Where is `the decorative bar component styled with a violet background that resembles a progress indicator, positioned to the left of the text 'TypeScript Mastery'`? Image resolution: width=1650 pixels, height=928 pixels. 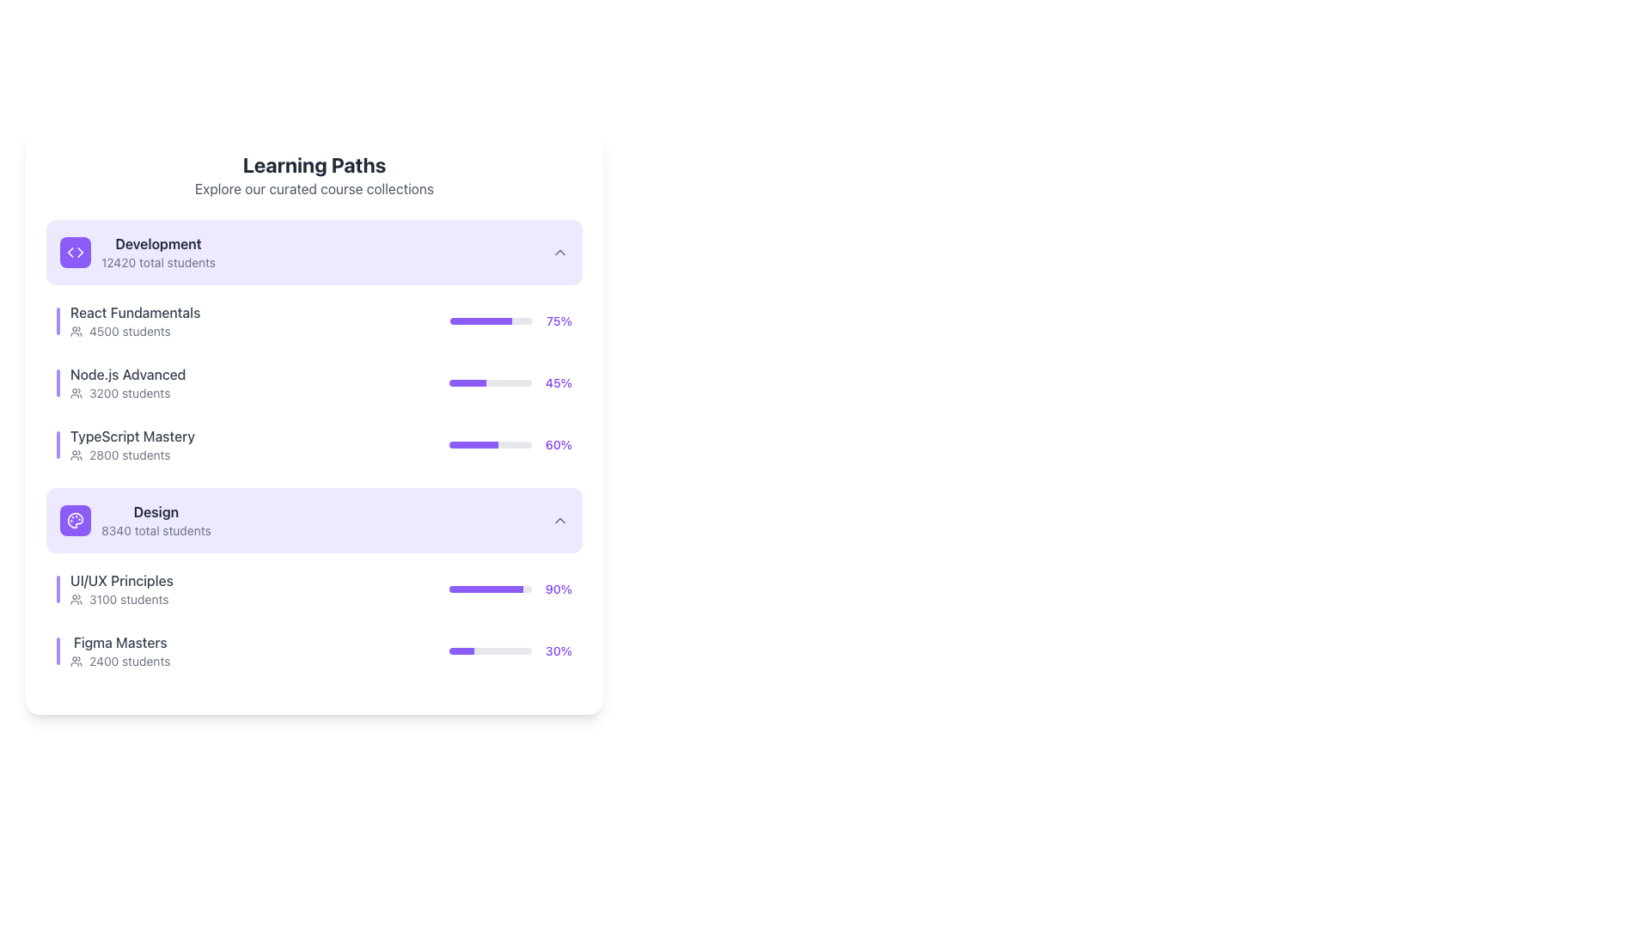
the decorative bar component styled with a violet background that resembles a progress indicator, positioned to the left of the text 'TypeScript Mastery' is located at coordinates (58, 443).